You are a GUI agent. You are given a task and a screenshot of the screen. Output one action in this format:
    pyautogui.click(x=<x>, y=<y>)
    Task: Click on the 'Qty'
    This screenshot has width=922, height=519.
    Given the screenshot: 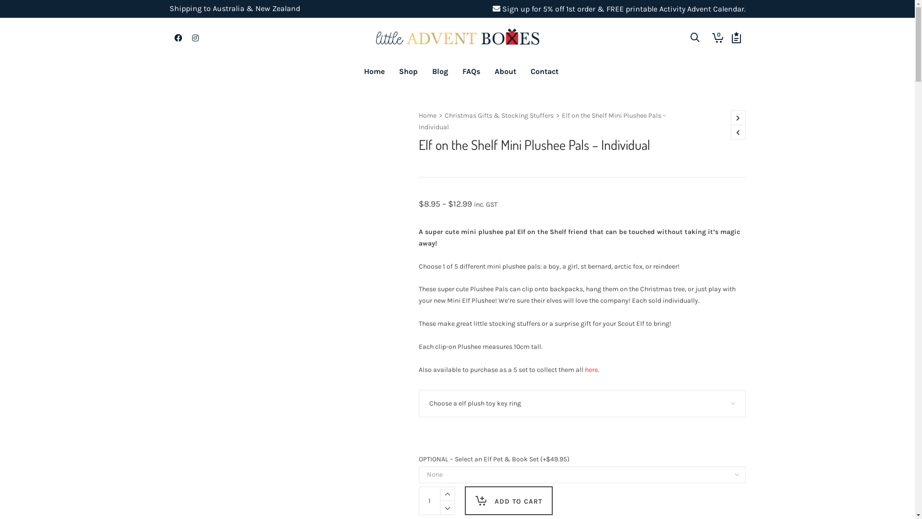 What is the action you would take?
    pyautogui.click(x=429, y=500)
    